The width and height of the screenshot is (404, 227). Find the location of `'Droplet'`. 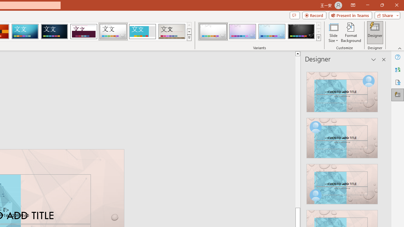

'Droplet' is located at coordinates (113, 32).